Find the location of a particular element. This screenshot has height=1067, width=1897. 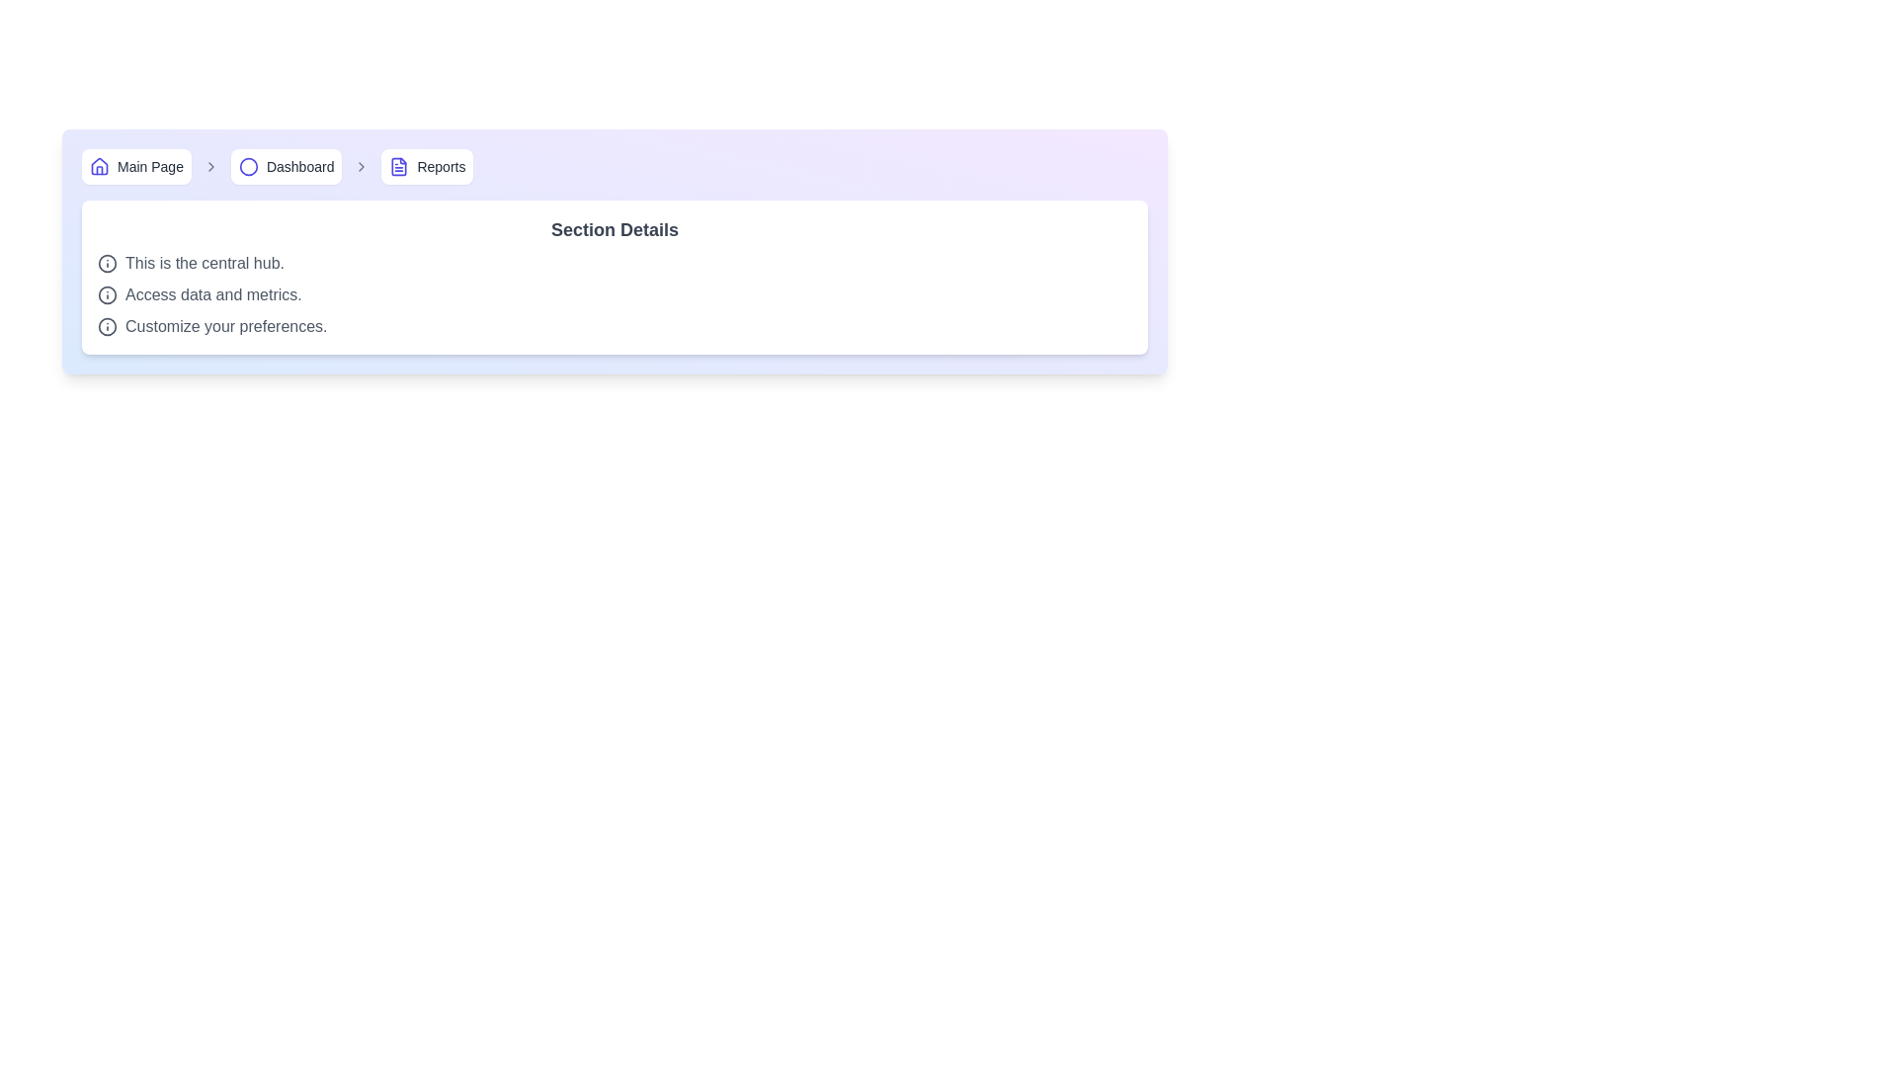

the circular information icon with an 'i' symbol, located to the far left of the text 'This is the central hub.' is located at coordinates (107, 262).